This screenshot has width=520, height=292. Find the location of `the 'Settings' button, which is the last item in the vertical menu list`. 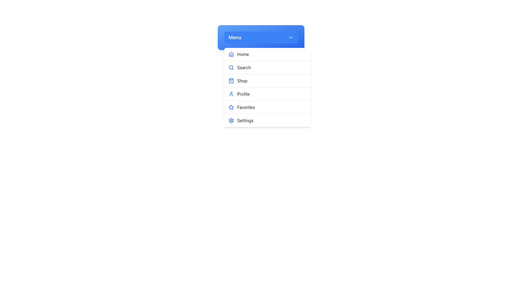

the 'Settings' button, which is the last item in the vertical menu list is located at coordinates (268, 120).